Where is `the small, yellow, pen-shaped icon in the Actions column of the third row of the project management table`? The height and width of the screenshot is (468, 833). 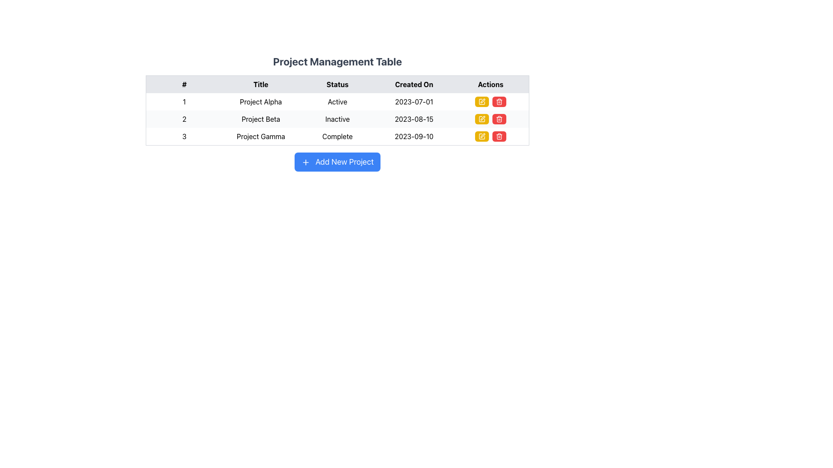 the small, yellow, pen-shaped icon in the Actions column of the third row of the project management table is located at coordinates (482, 135).